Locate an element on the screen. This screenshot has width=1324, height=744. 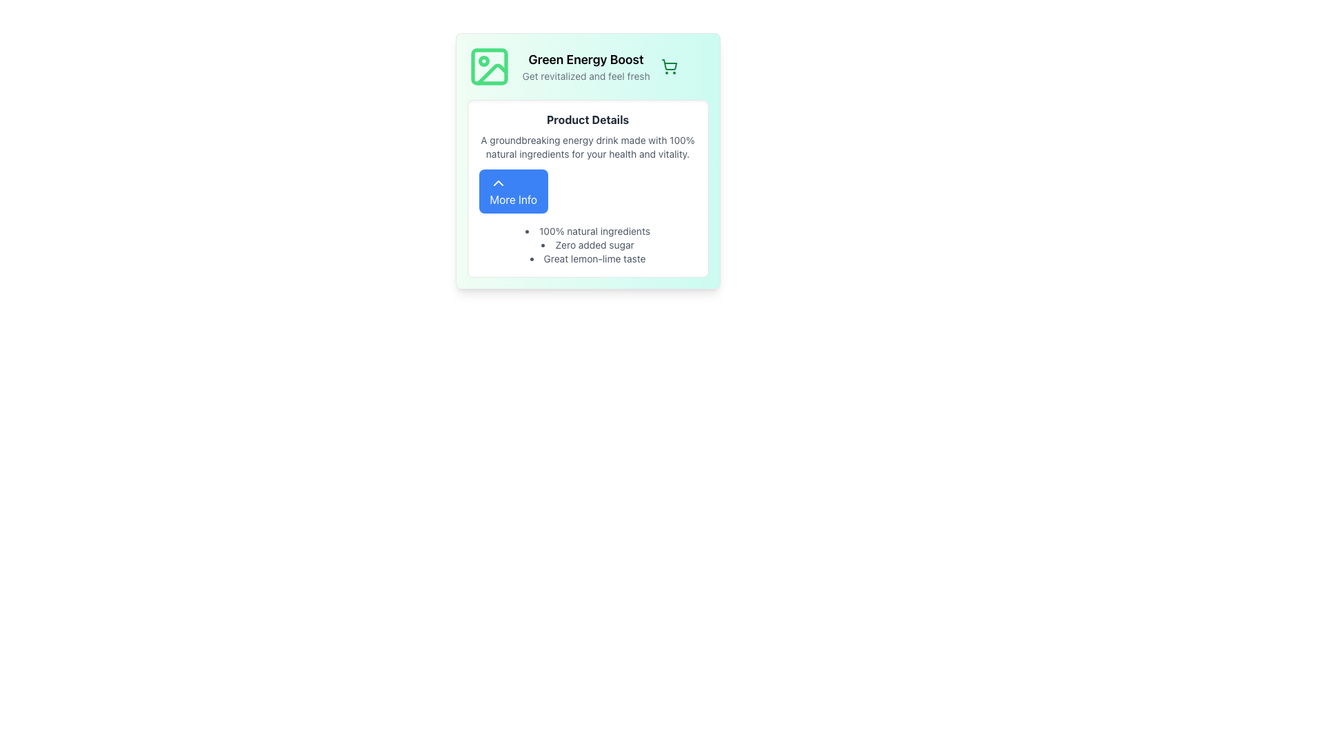
the text label stating 'Zero added sugar', which is the second bullet point in the product details section of the card layout is located at coordinates (588, 244).